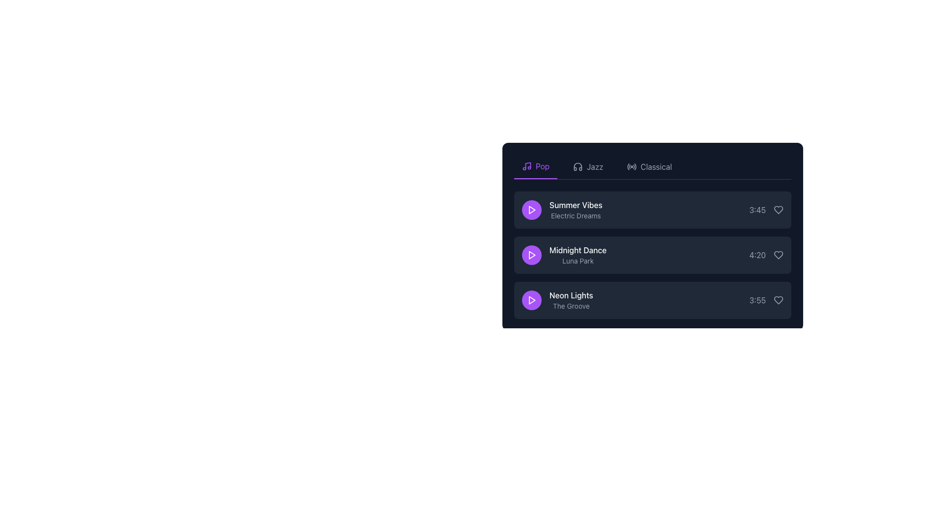 The height and width of the screenshot is (530, 942). What do you see at coordinates (531, 210) in the screenshot?
I see `the triangular play icon with a white stroke on a transparent background, located inside a purple circular button, to initiate playback` at bounding box center [531, 210].